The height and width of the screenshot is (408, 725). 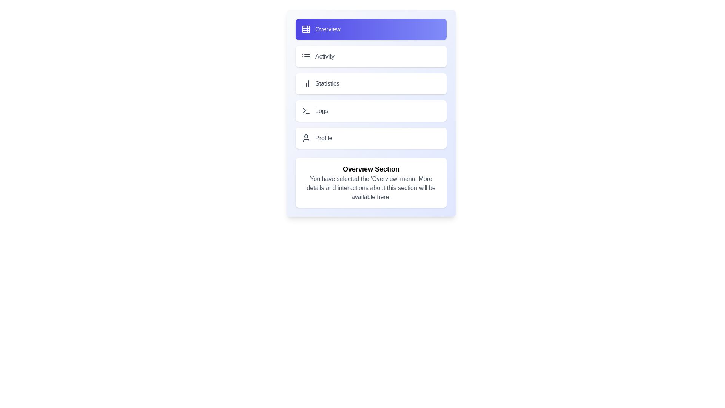 I want to click on the menu item Profile to display its section, so click(x=371, y=138).